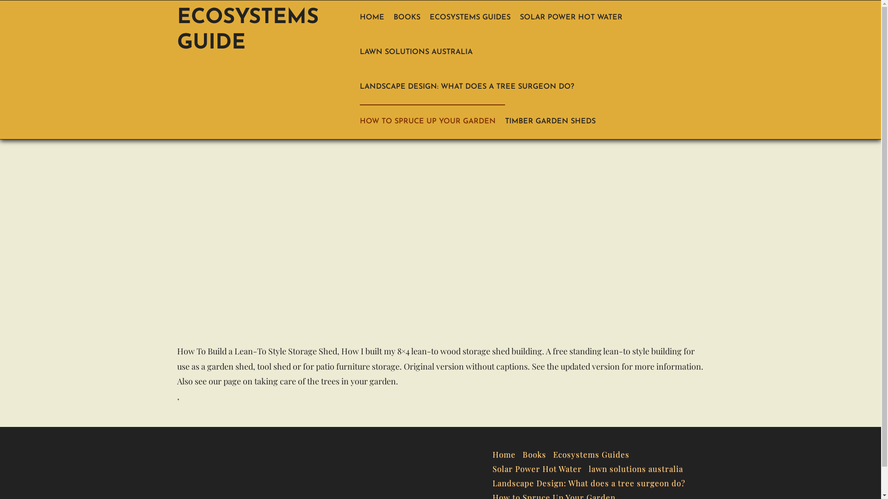 The height and width of the screenshot is (499, 888). I want to click on 'TIMBER GARDEN SHEDS', so click(504, 121).